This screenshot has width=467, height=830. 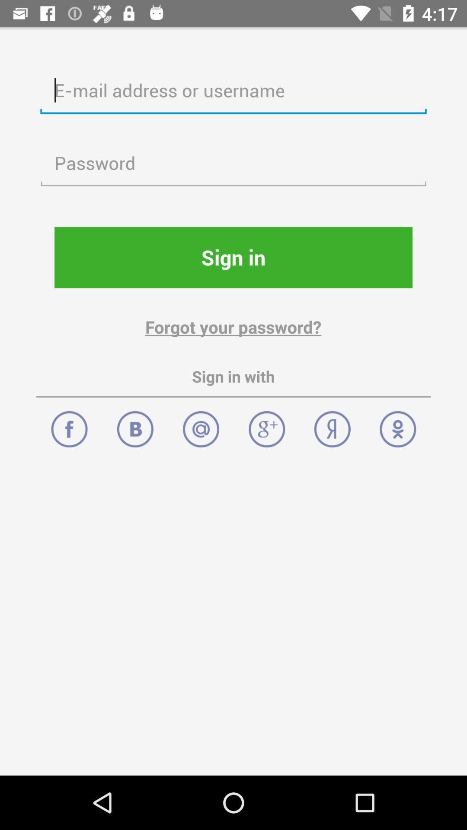 What do you see at coordinates (233, 163) in the screenshot?
I see `the blank box which is showing to enter password on the page` at bounding box center [233, 163].